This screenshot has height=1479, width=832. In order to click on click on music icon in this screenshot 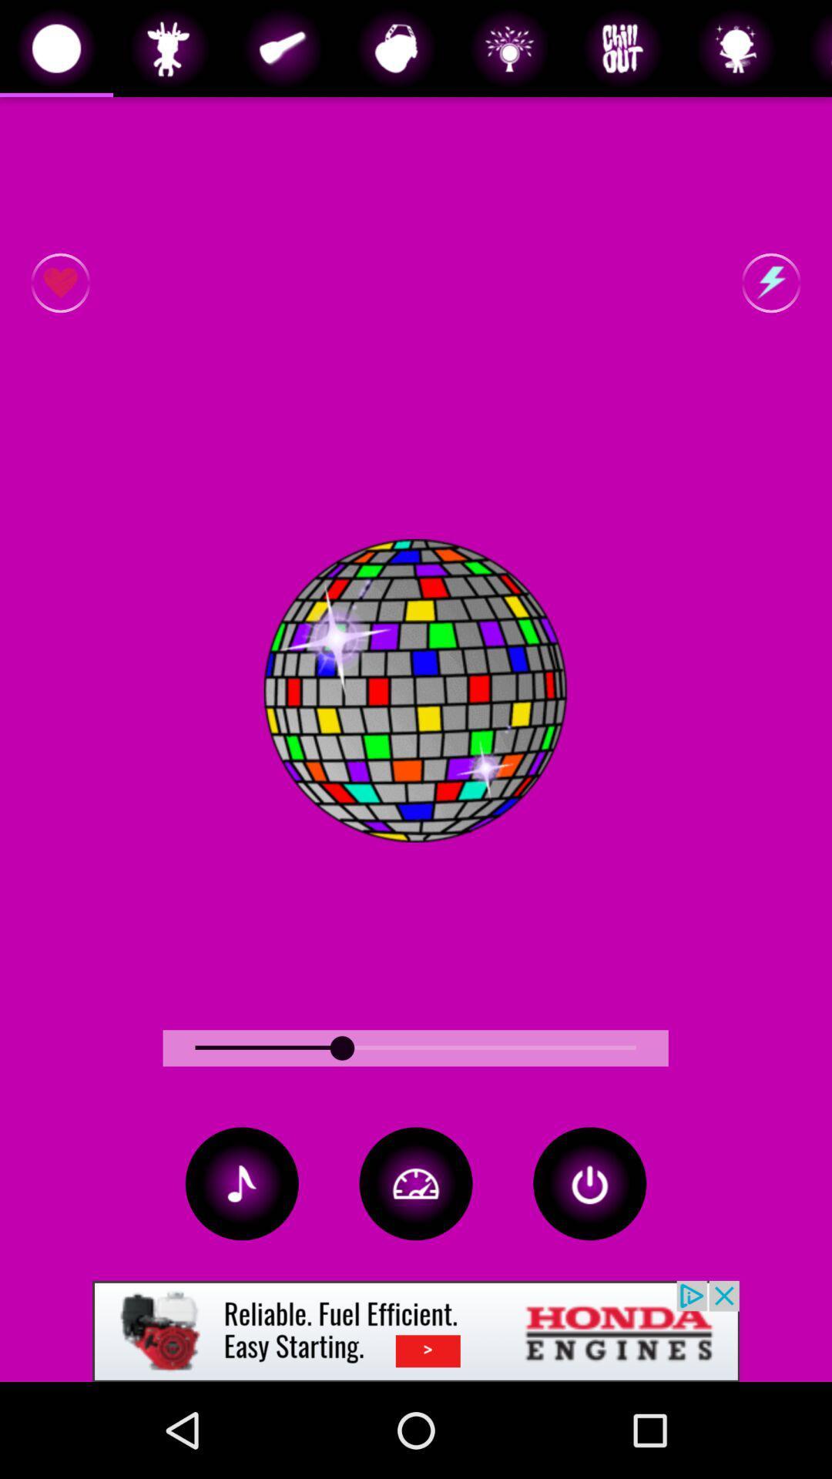, I will do `click(242, 1182)`.